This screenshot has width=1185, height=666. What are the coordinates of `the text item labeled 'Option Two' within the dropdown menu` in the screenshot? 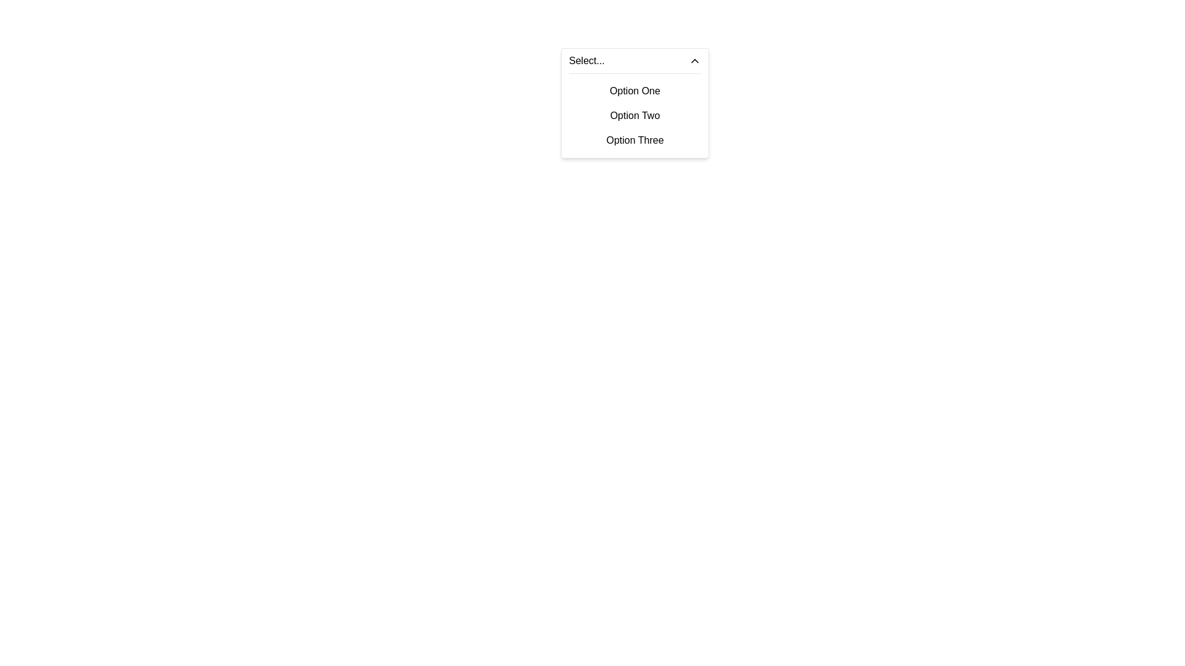 It's located at (634, 116).